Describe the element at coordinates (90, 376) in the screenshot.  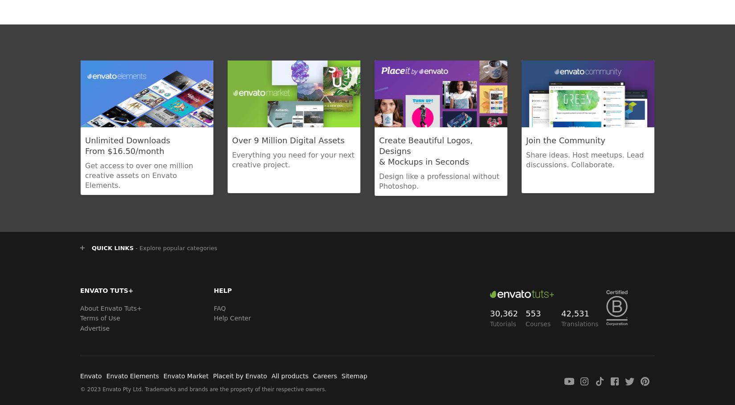
I see `'Envato'` at that location.